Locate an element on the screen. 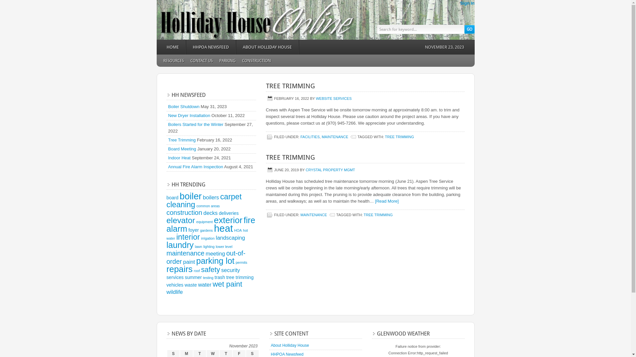  'RESOURCES' is located at coordinates (173, 60).